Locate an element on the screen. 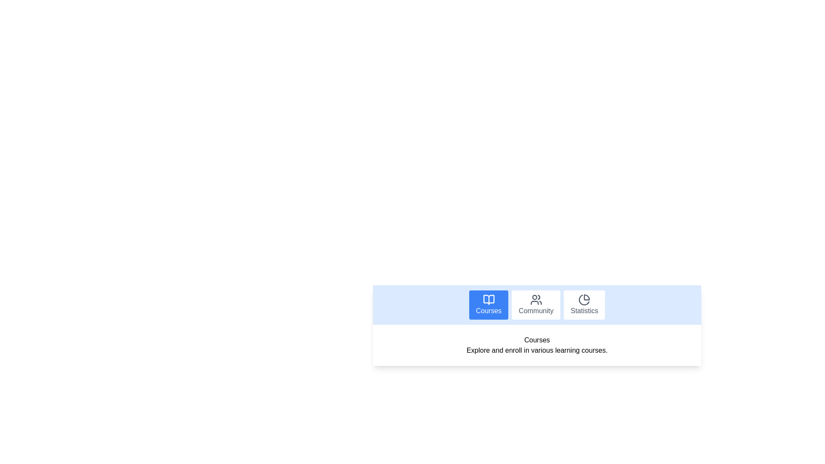  the Statistics tab is located at coordinates (584, 304).